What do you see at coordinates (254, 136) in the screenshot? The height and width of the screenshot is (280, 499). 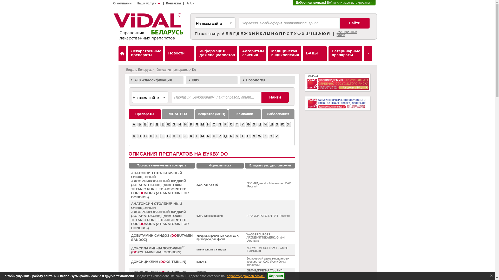 I see `'V'` at bounding box center [254, 136].